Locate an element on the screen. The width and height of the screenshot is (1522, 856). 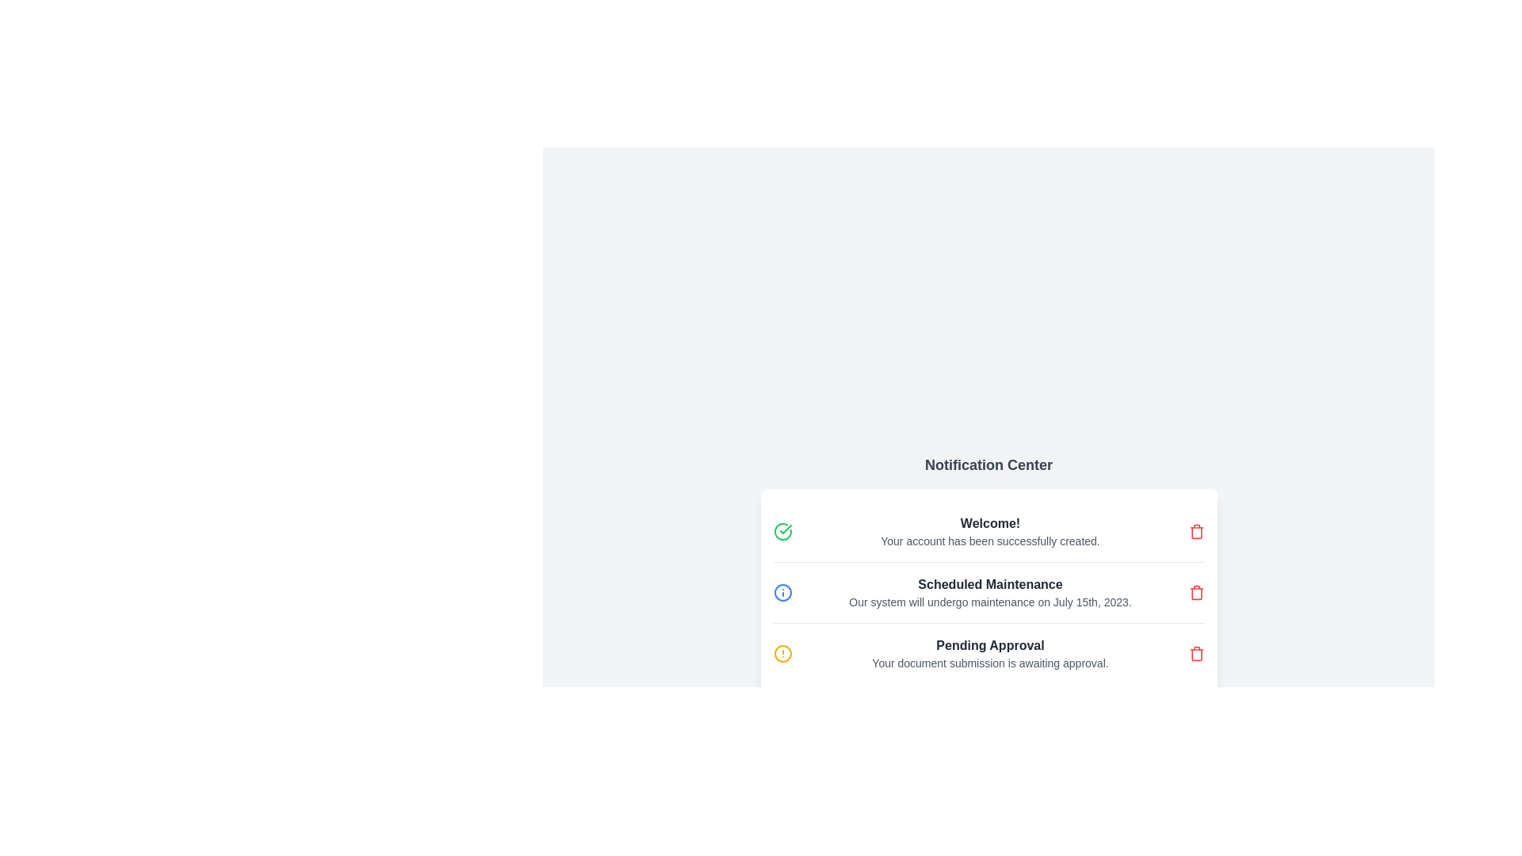
information displayed in the second notification card inside the 'Notification Center' panel, which informs the user about scheduled system maintenance is located at coordinates (988, 575).